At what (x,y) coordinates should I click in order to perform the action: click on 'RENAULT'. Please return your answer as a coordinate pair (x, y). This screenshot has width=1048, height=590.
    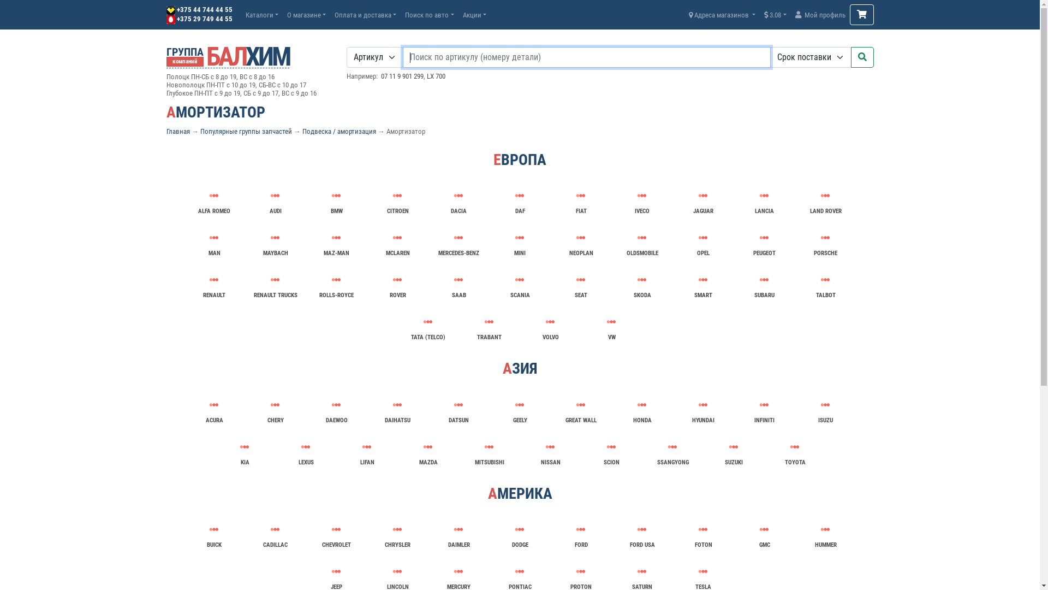
    Looking at the image, I should click on (186, 283).